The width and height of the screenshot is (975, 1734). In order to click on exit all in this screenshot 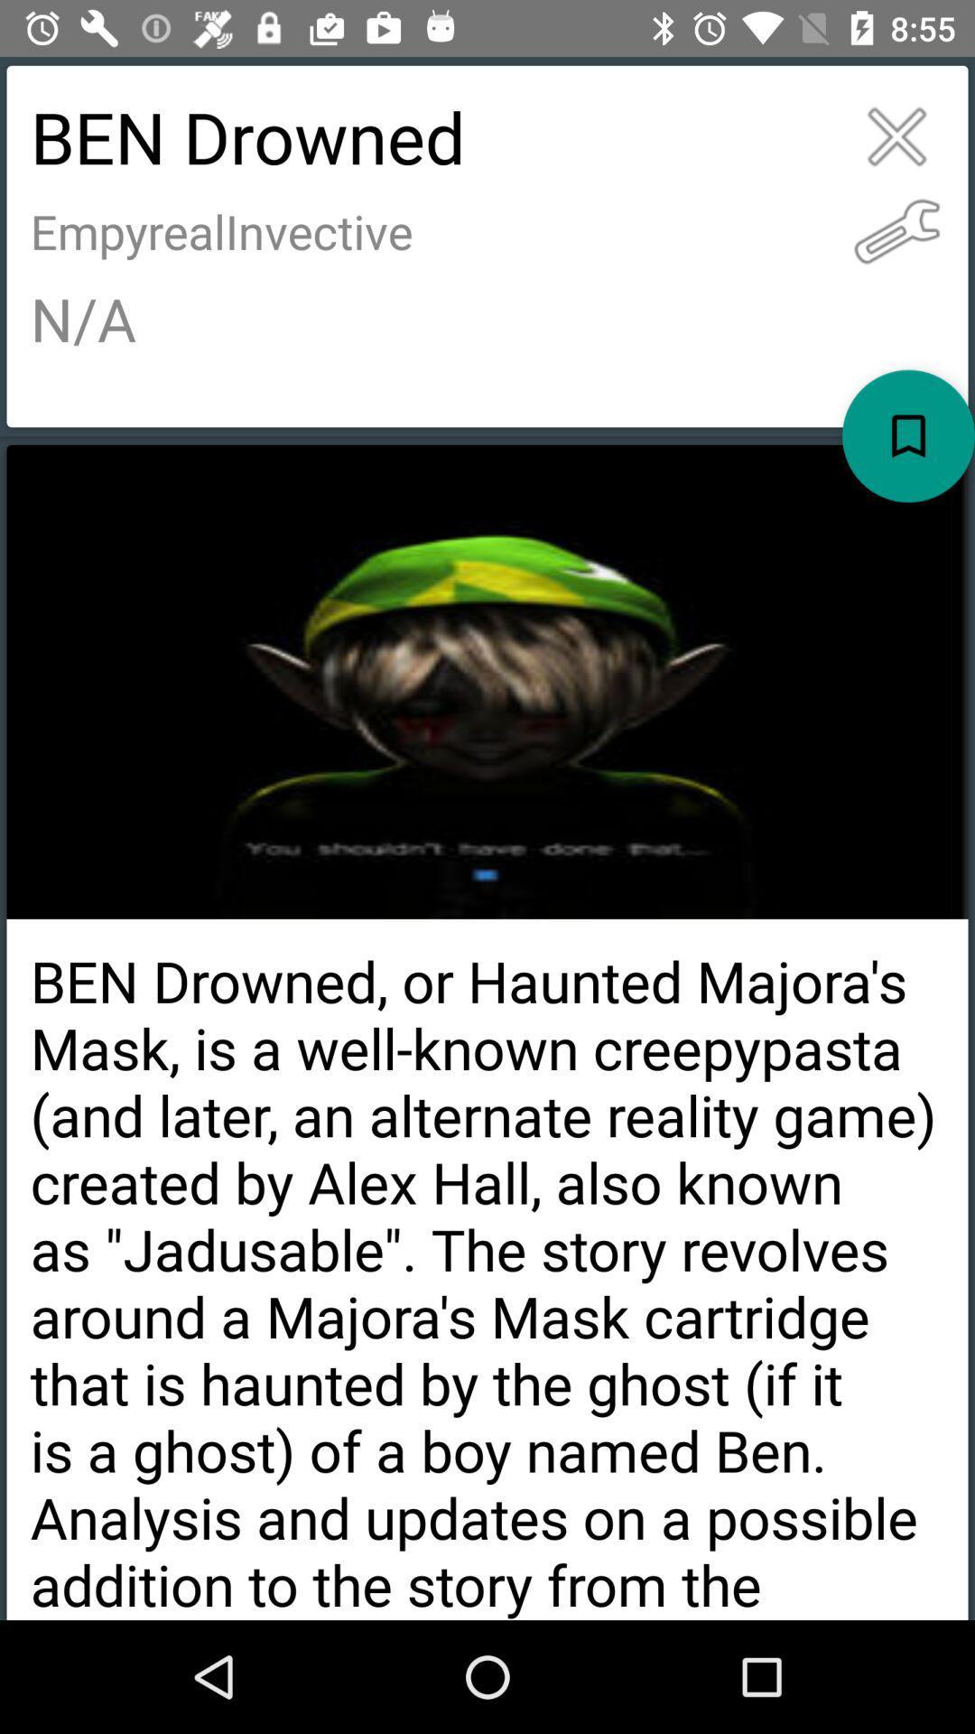, I will do `click(896, 135)`.